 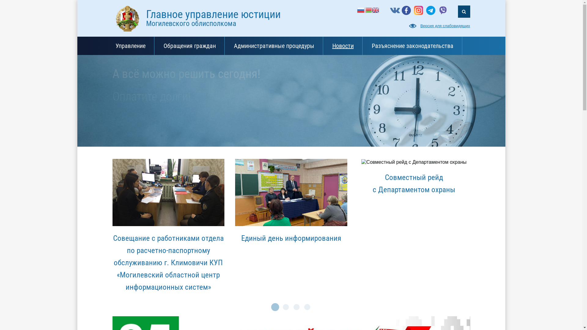 I want to click on 'English', so click(x=375, y=9).